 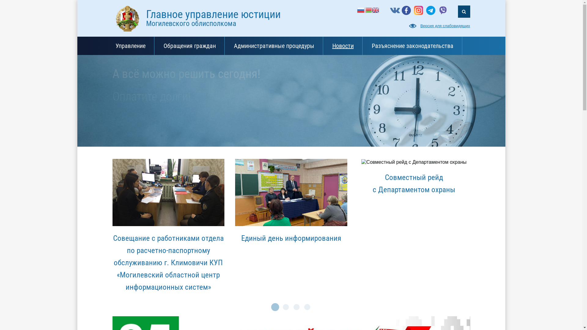 I want to click on 'English', so click(x=375, y=9).